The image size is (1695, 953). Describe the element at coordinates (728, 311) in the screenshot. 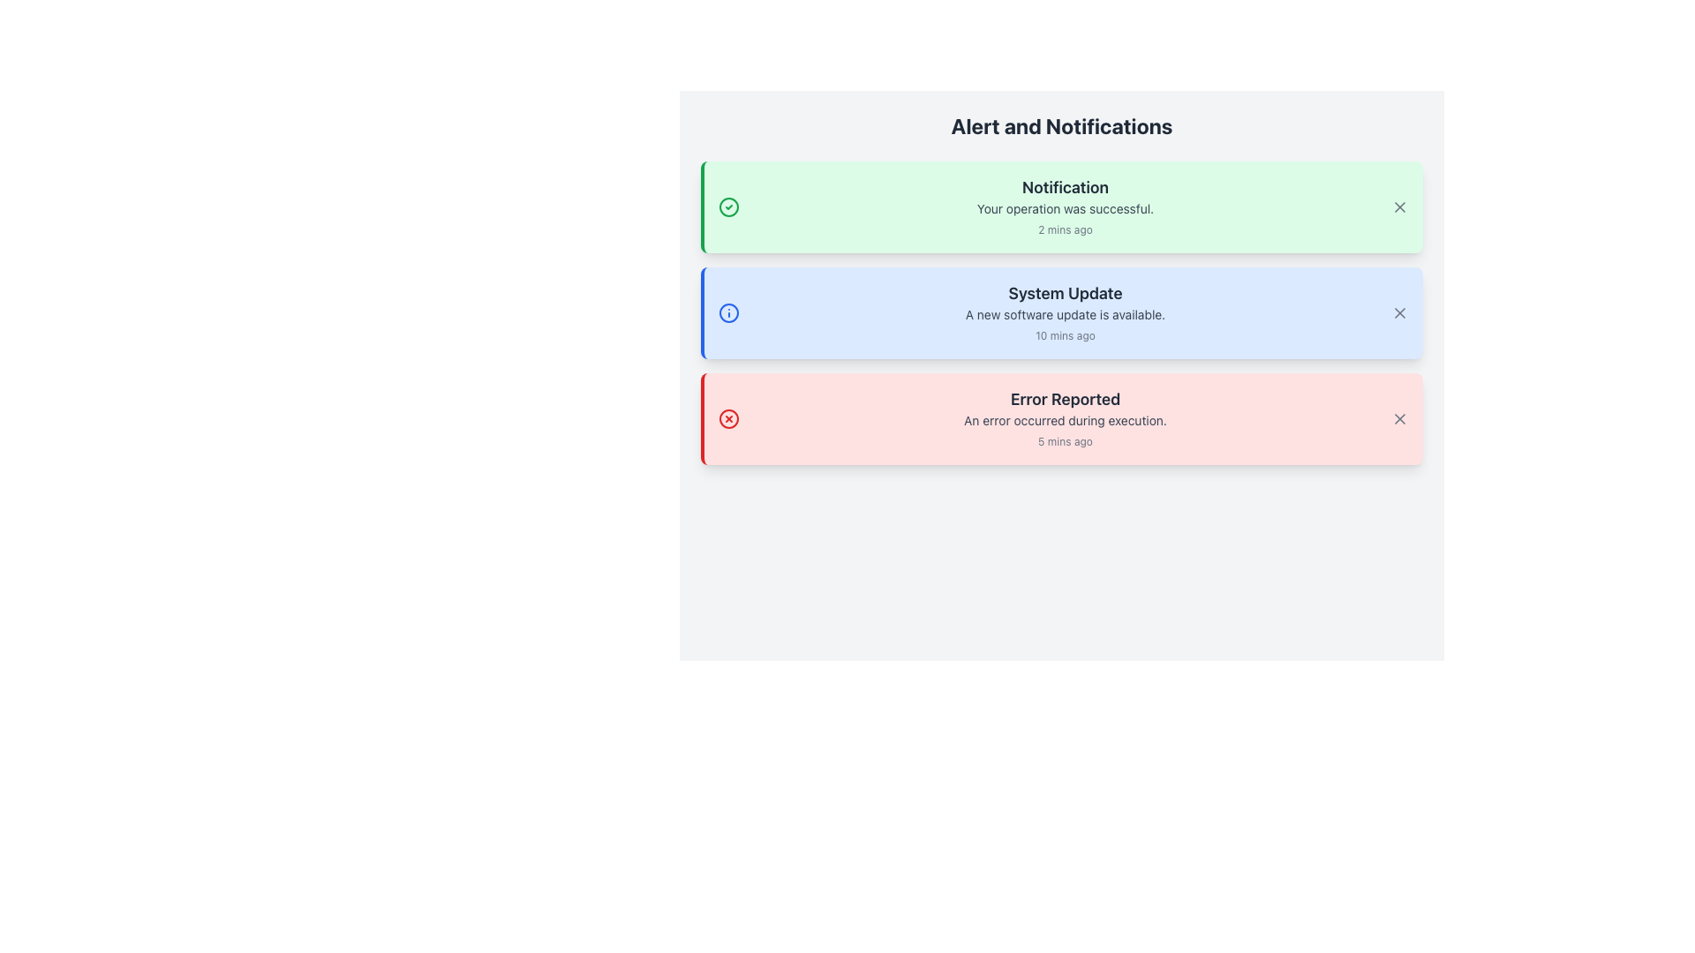

I see `the decorative SVG circle within the 'System Update' notification icon located towards the left side of the card` at that location.